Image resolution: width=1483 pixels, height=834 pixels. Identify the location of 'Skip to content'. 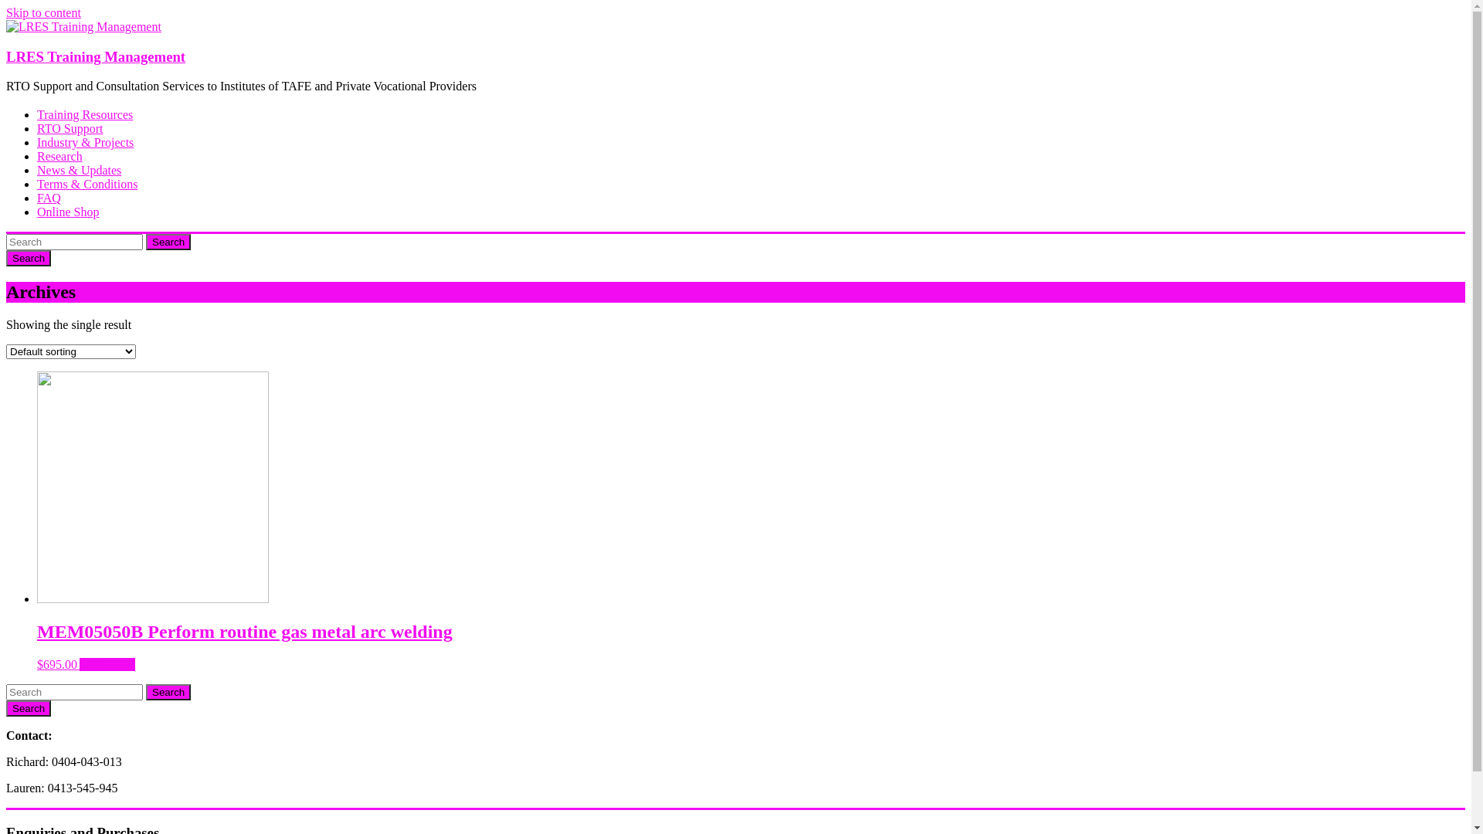
(43, 12).